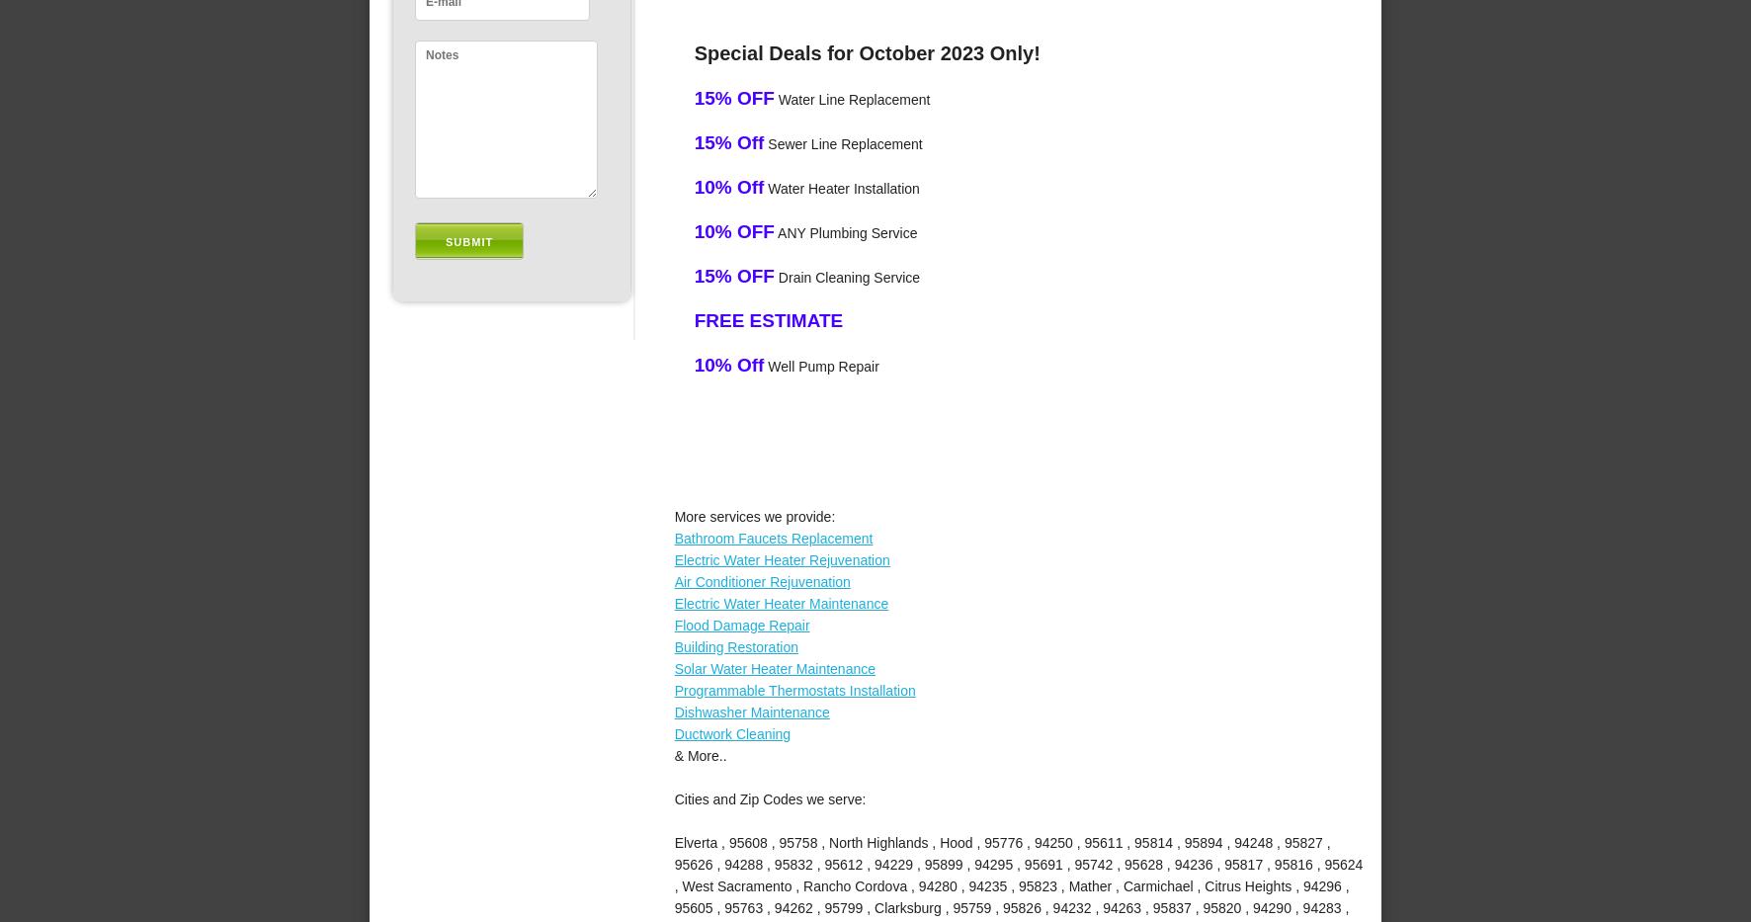 This screenshot has height=922, width=1751. I want to click on 'Dishwasher Maintenance', so click(750, 711).